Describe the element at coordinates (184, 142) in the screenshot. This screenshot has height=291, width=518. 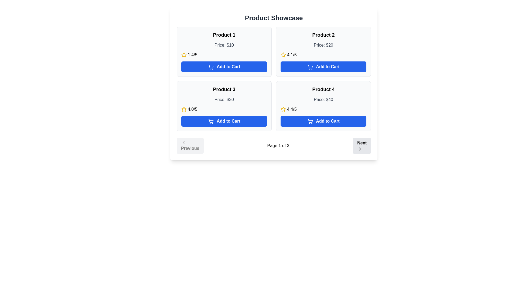
I see `the leftward-pointing chevron arrow SVG icon located within the 'Previous' button at the bottom left corner of the layout` at that location.